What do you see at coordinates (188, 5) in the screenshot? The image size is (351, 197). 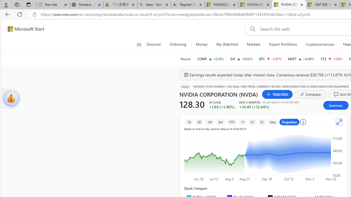 I see `'Register: Create a personal eBay account'` at bounding box center [188, 5].